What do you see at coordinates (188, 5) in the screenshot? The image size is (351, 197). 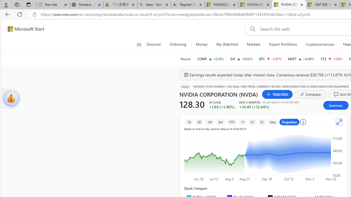 I see `'Register: Create a personal eBay account'` at bounding box center [188, 5].